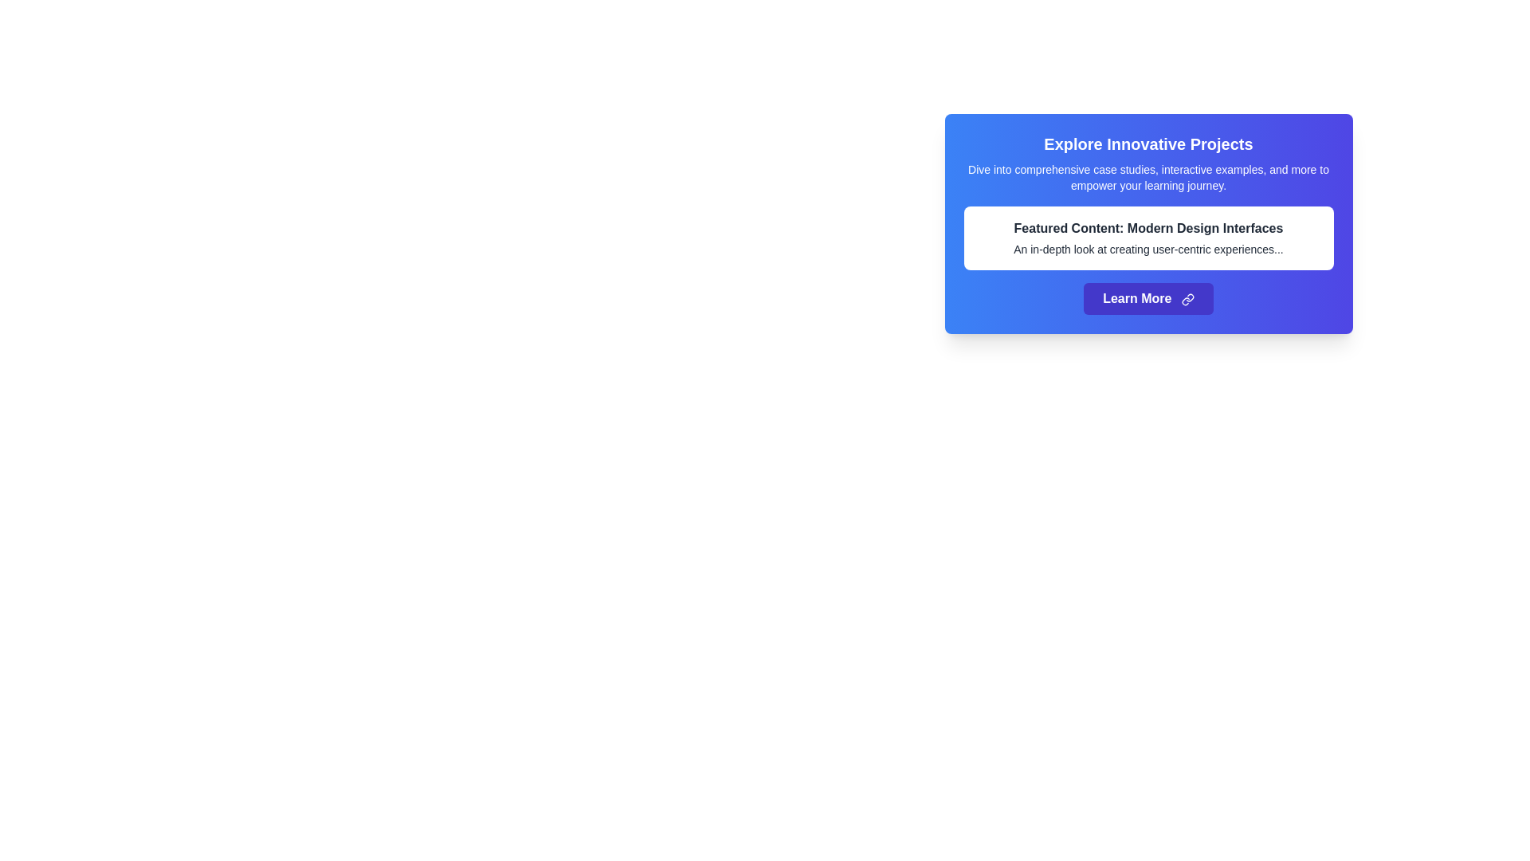 This screenshot has width=1530, height=861. Describe the element at coordinates (1148, 238) in the screenshot. I see `the informational block titled 'Featured Content: Modern Design Interfaces', which contains a description about user-centric experiences` at that location.